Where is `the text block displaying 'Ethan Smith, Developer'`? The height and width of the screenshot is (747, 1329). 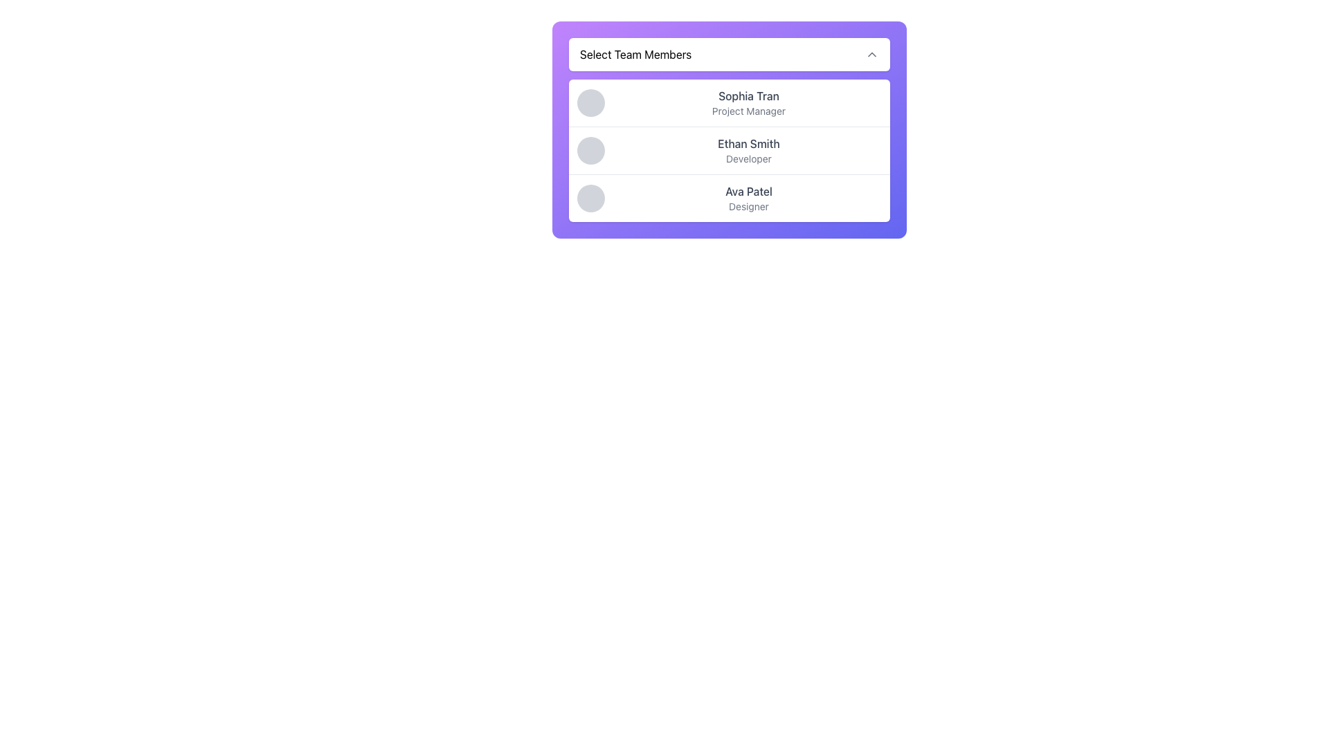
the text block displaying 'Ethan Smith, Developer' is located at coordinates (748, 151).